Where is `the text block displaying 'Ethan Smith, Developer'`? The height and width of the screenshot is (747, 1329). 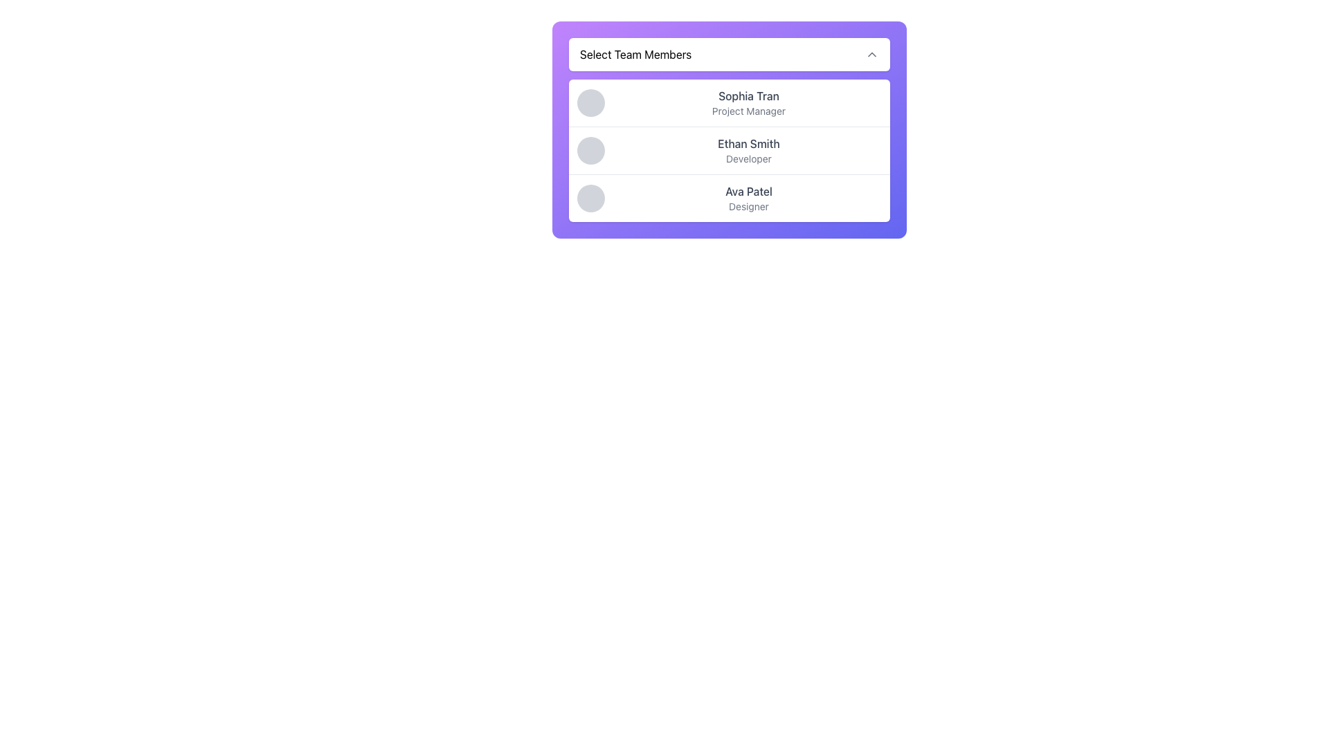
the text block displaying 'Ethan Smith, Developer' is located at coordinates (748, 151).